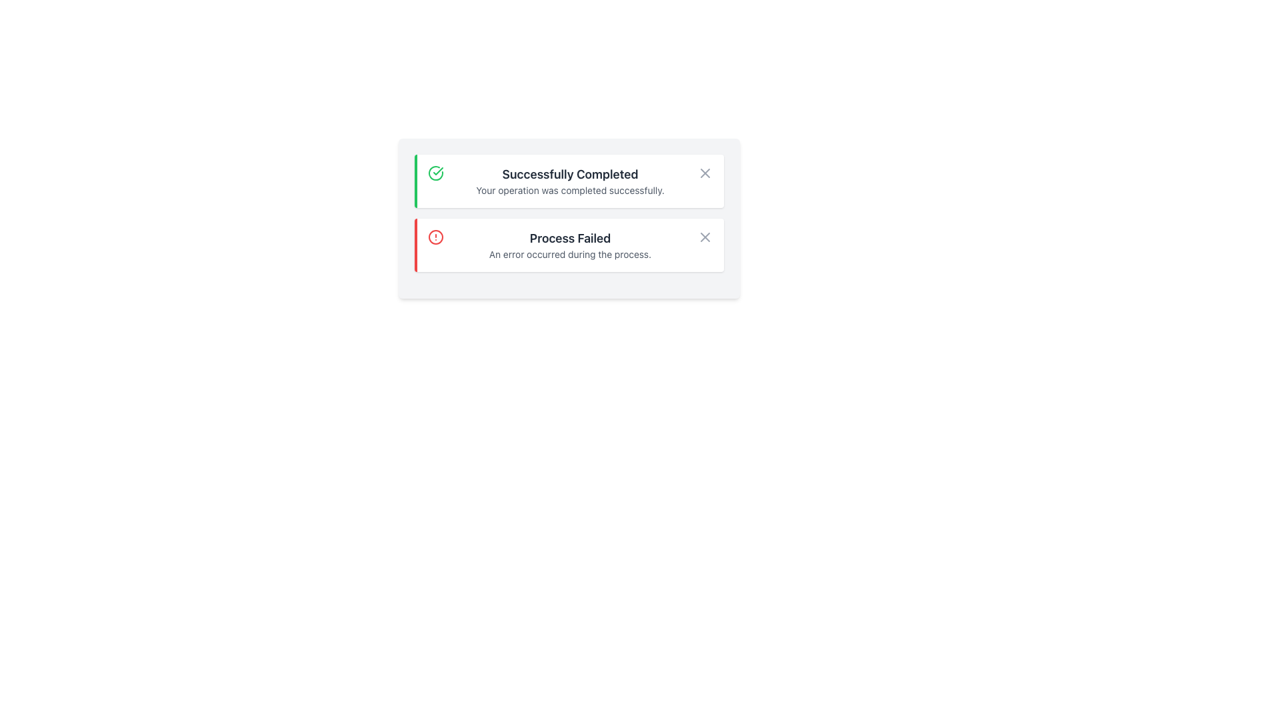  I want to click on the green circular icon with a check mark located to the left of the text 'Successfully Completed', so click(435, 172).